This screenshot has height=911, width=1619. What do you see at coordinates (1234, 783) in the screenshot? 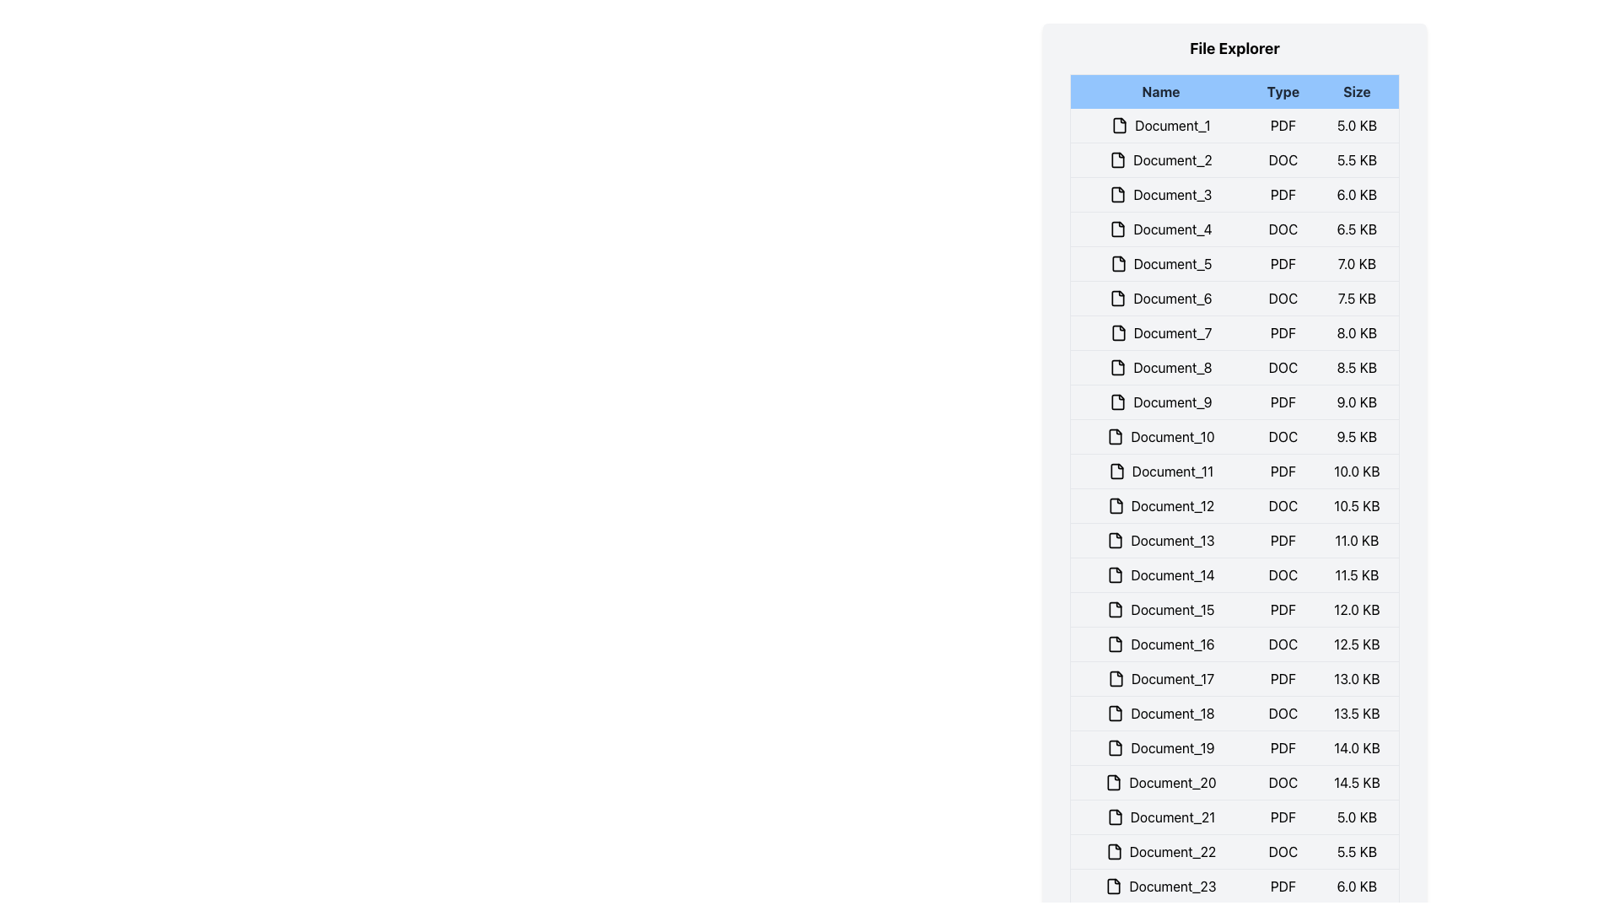
I see `on the list item representing a file, which is the twentieth item in a vertical list of a file explorer interface` at bounding box center [1234, 783].